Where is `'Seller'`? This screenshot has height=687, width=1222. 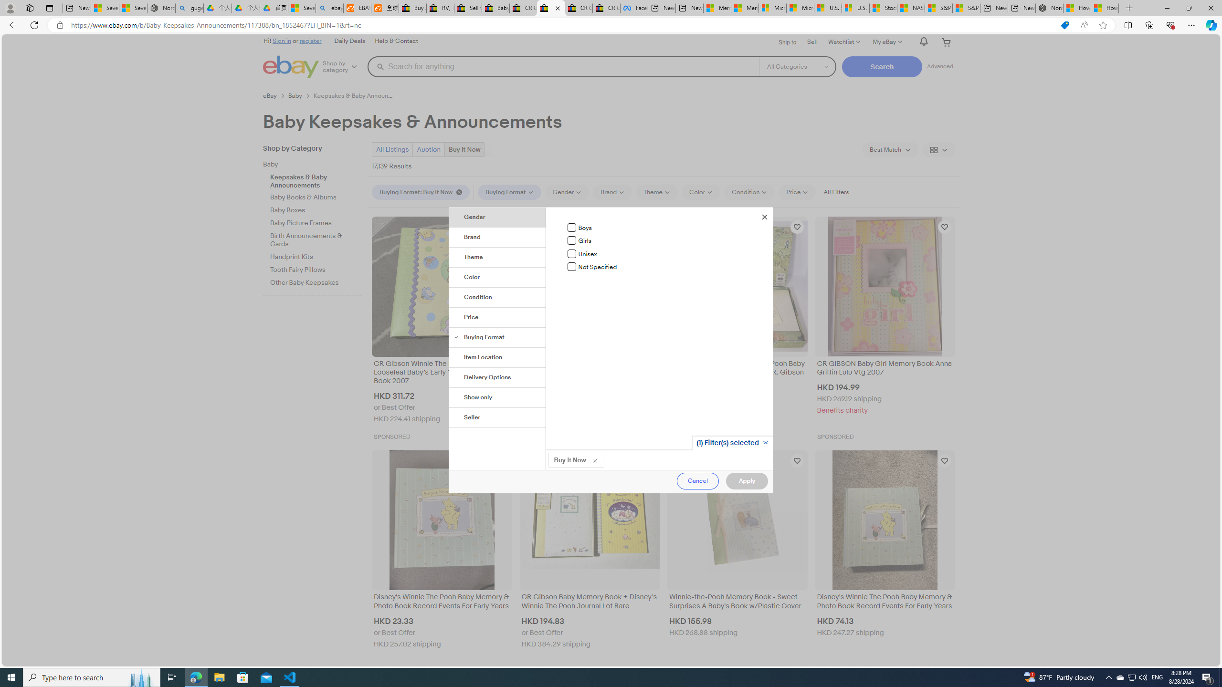 'Seller' is located at coordinates (498, 418).